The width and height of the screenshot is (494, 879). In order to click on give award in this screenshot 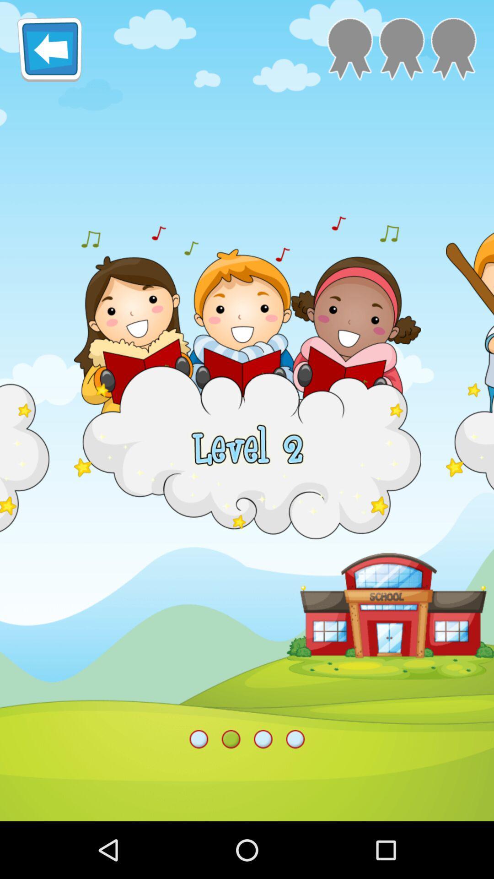, I will do `click(453, 49)`.